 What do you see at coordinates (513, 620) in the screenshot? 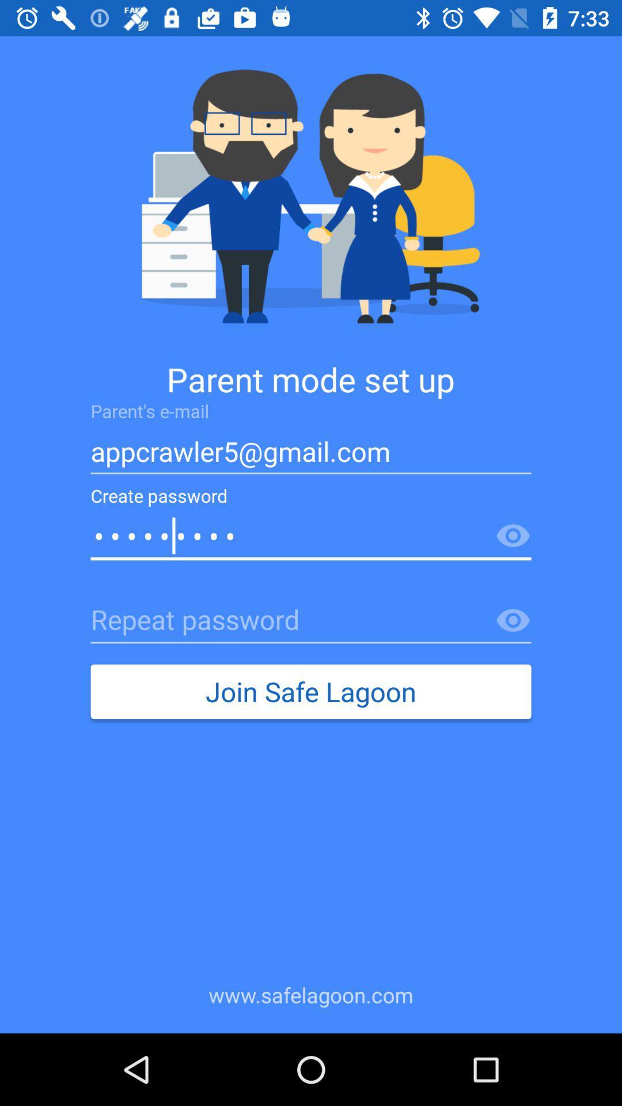
I see `show password` at bounding box center [513, 620].